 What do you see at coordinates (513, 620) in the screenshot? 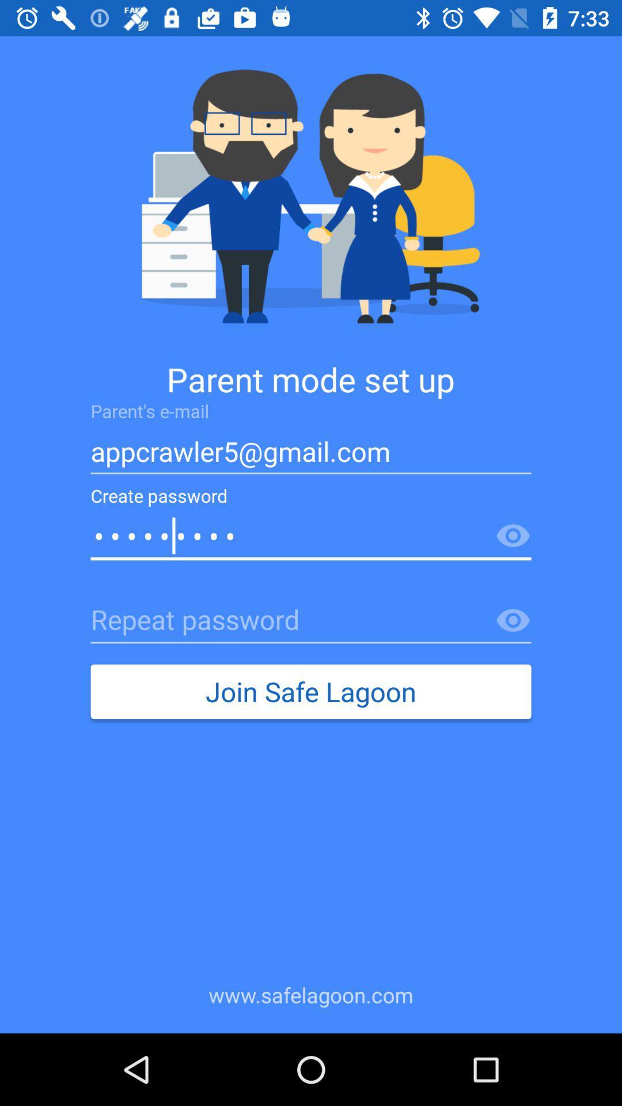
I see `show password` at bounding box center [513, 620].